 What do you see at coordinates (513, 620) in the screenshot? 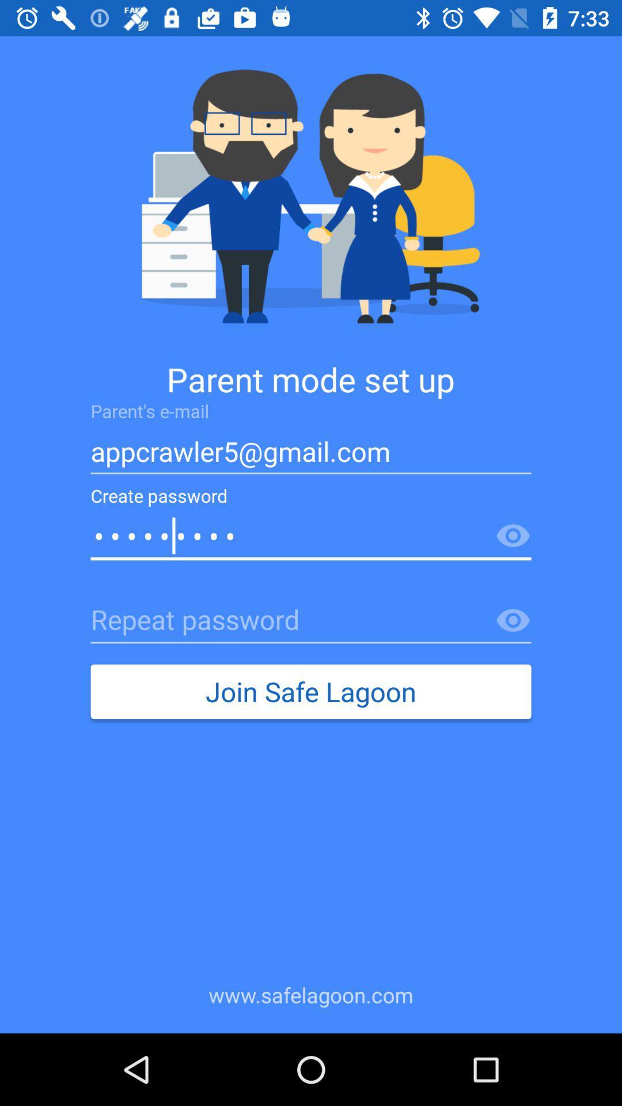
I see `show password` at bounding box center [513, 620].